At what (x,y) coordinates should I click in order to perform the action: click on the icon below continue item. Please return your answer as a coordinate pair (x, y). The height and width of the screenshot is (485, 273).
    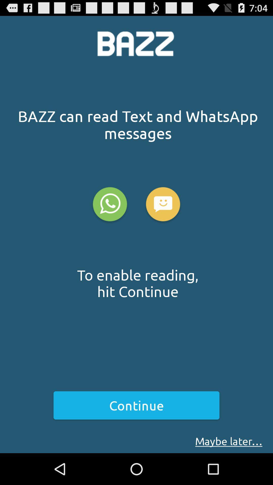
    Looking at the image, I should click on (229, 441).